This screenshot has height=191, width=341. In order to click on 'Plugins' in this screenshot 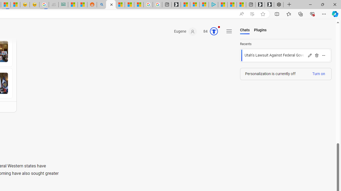, I will do `click(260, 30)`.